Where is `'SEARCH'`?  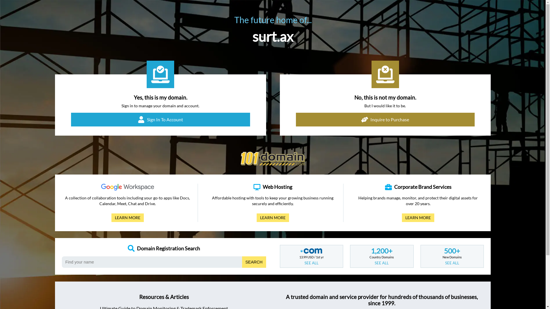 'SEARCH' is located at coordinates (254, 262).